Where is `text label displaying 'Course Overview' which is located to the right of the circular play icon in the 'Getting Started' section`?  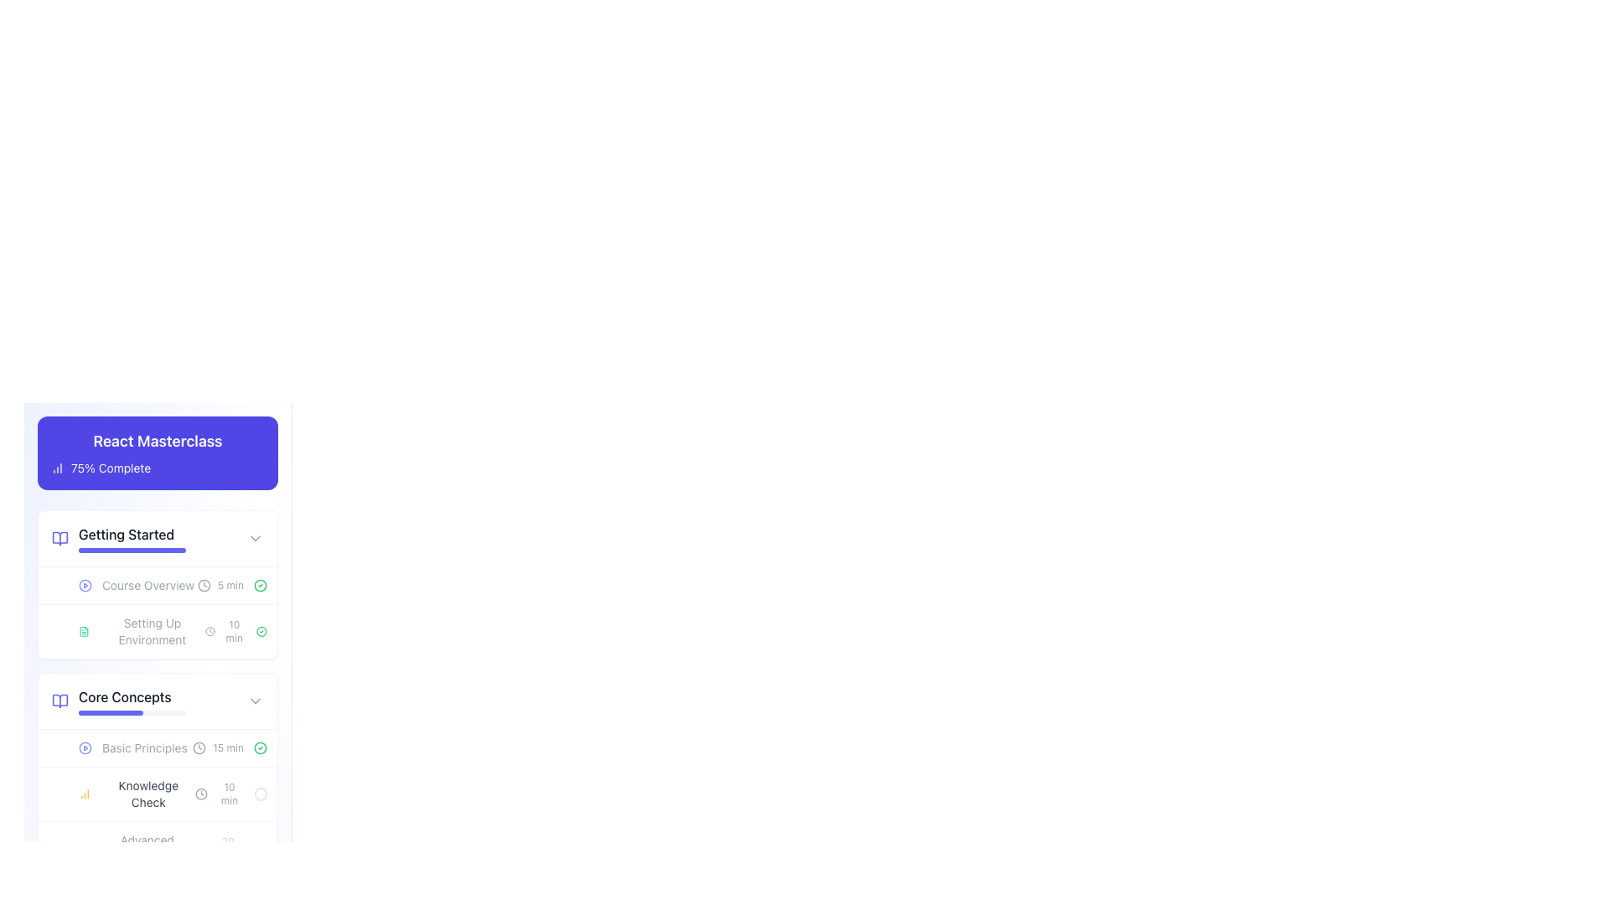 text label displaying 'Course Overview' which is located to the right of the circular play icon in the 'Getting Started' section is located at coordinates (148, 584).